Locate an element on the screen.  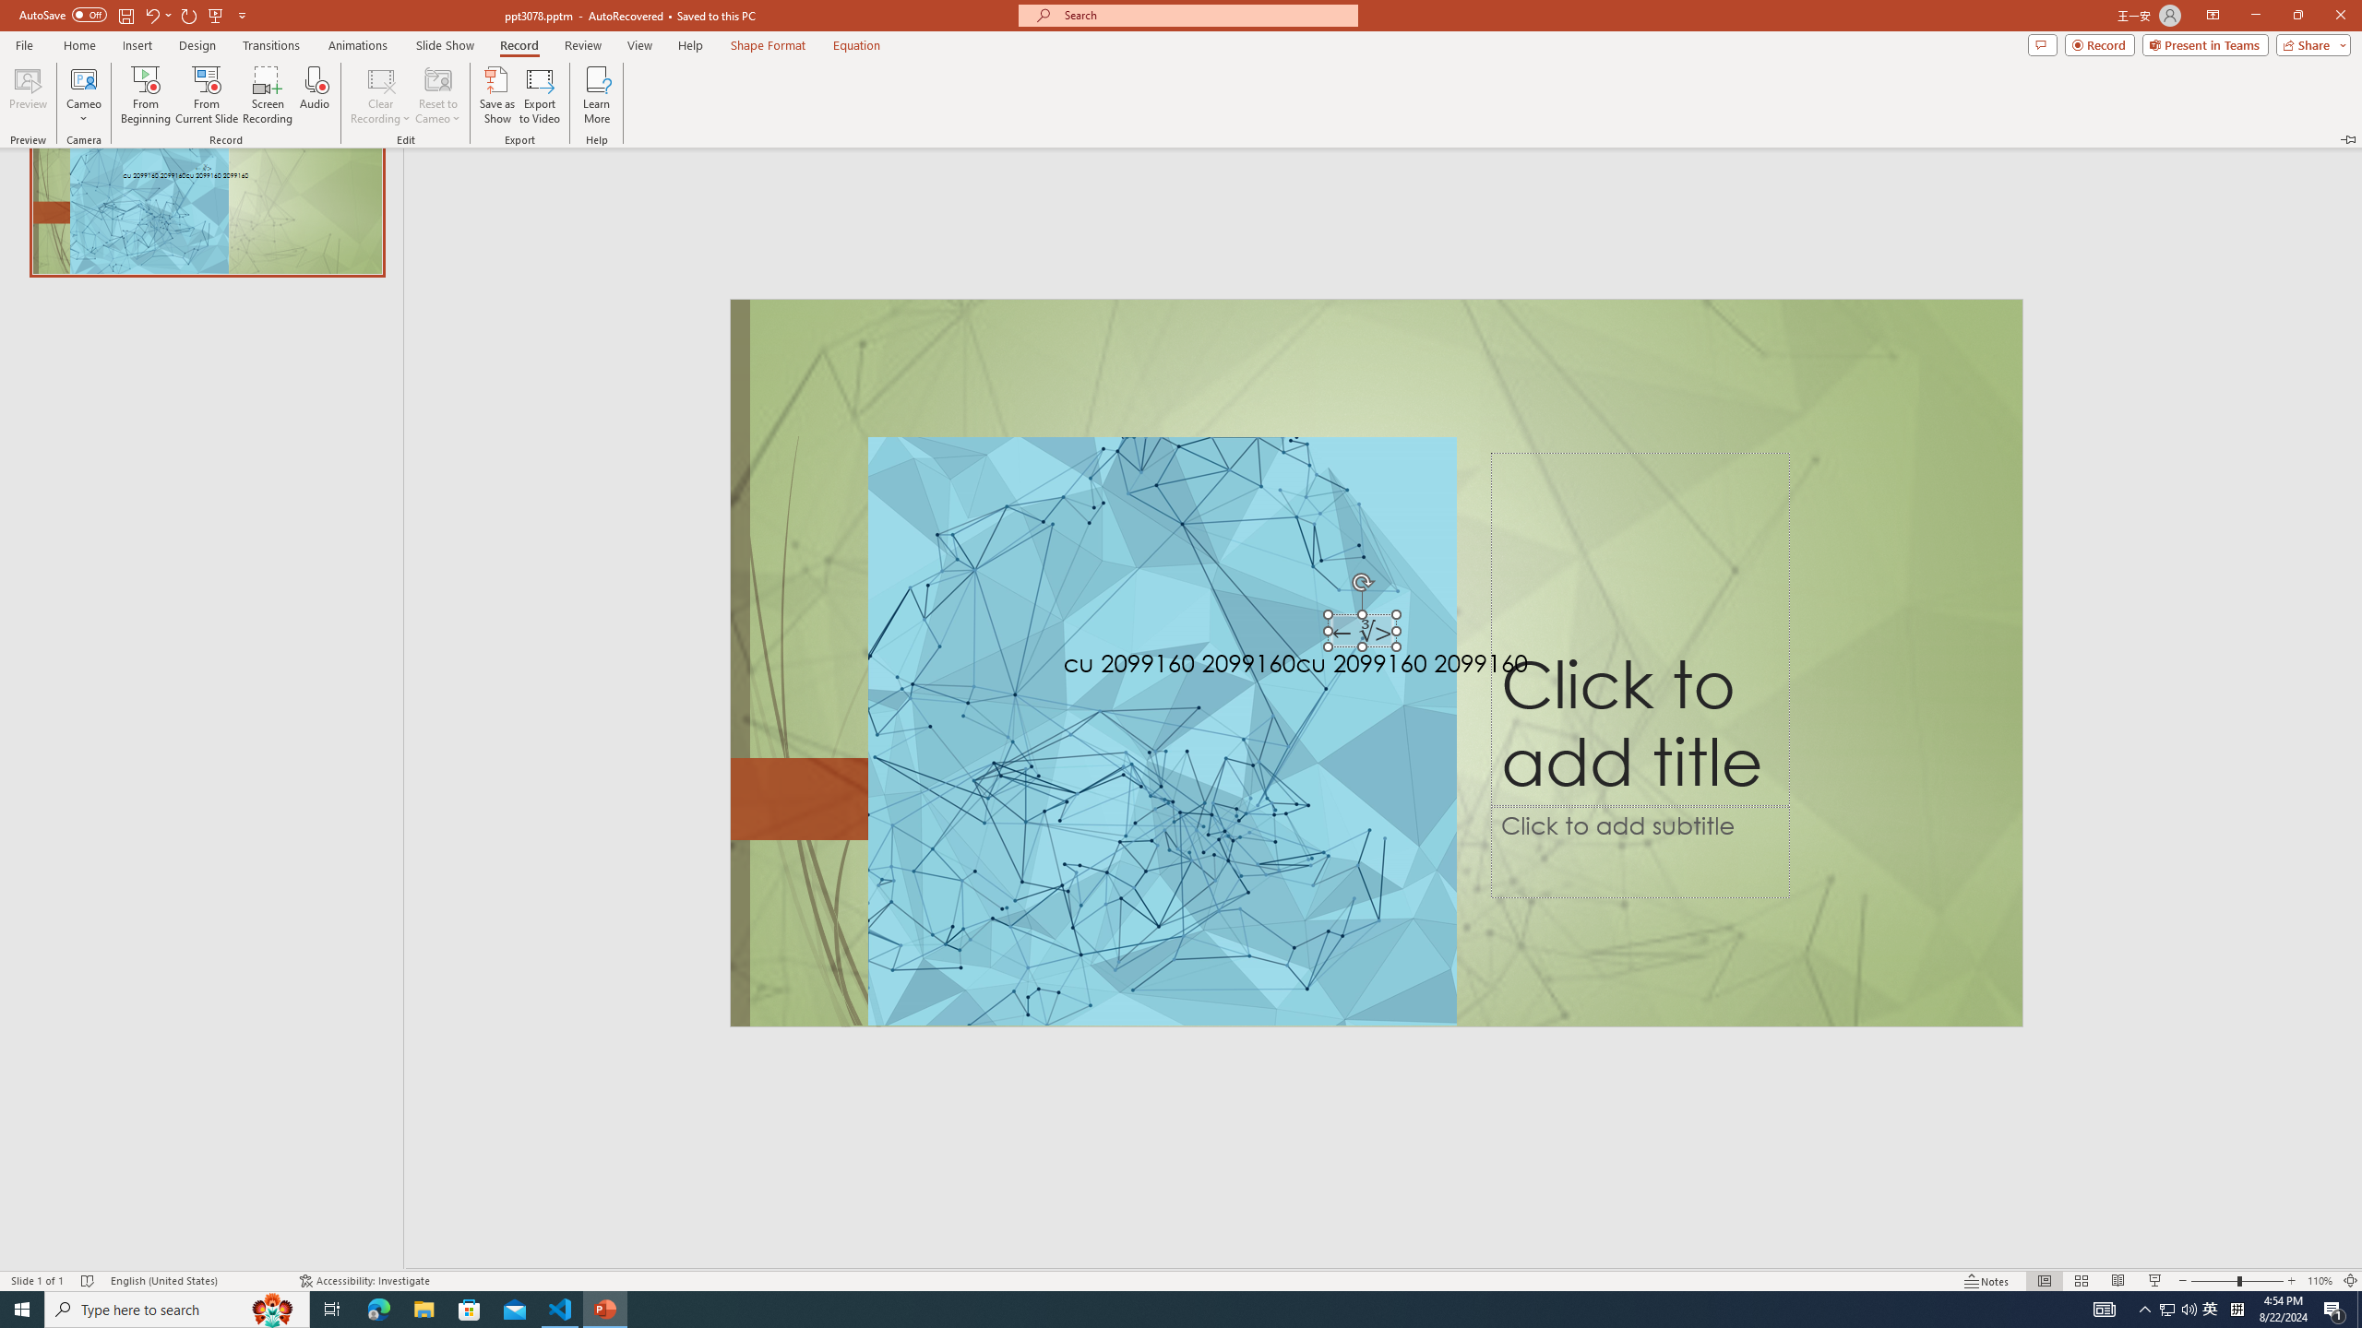
'Q2790: 100%' is located at coordinates (2189, 1308).